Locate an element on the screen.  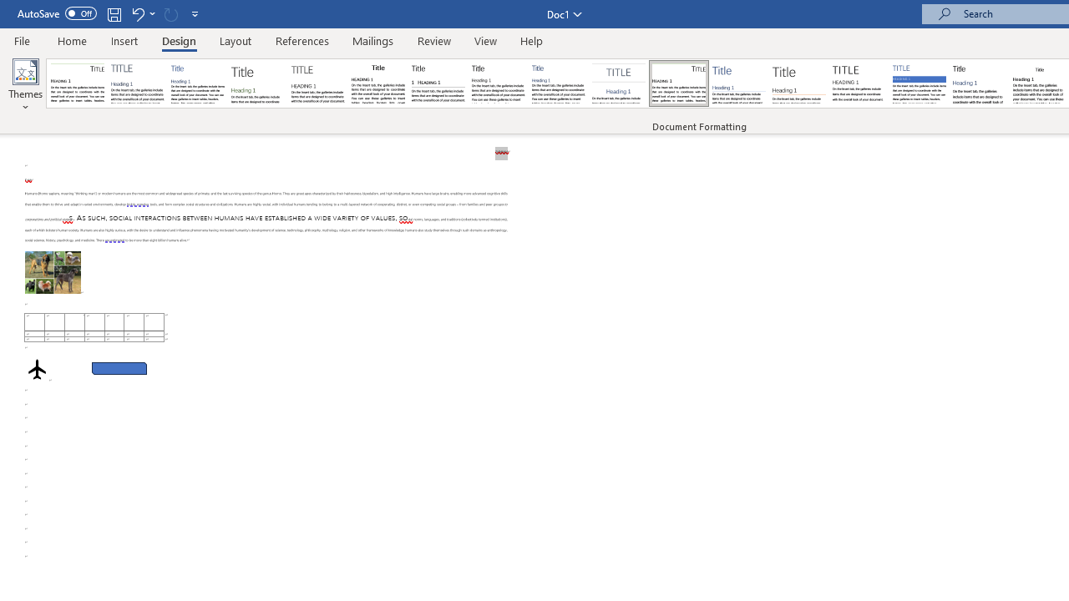
'Themes' is located at coordinates (25, 86).